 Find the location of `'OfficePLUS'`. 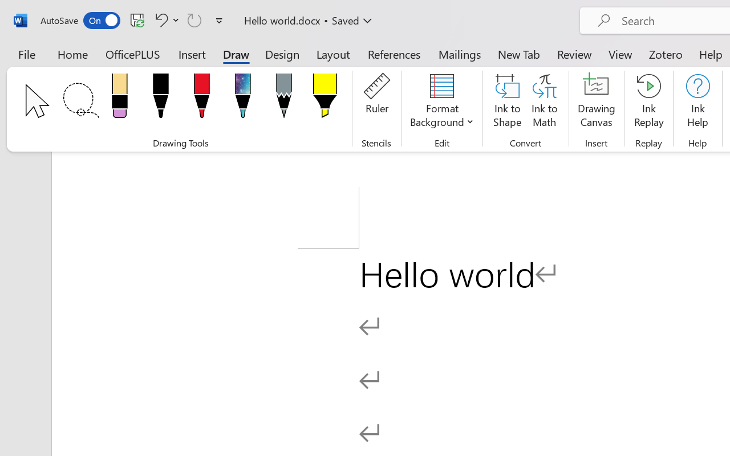

'OfficePLUS' is located at coordinates (133, 54).